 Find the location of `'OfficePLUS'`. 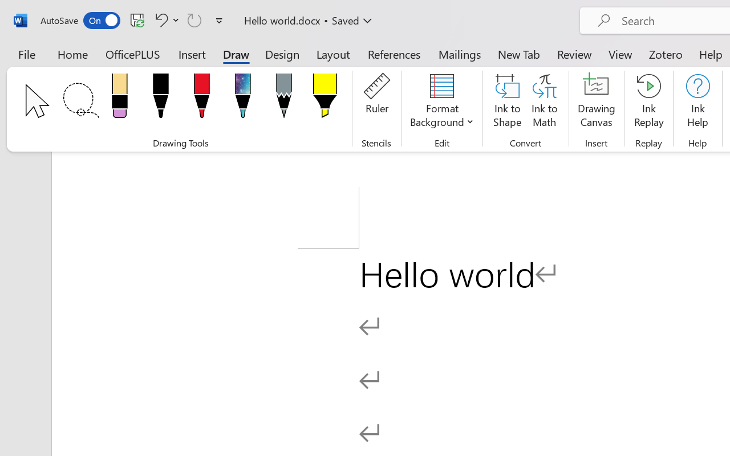

'OfficePLUS' is located at coordinates (133, 54).